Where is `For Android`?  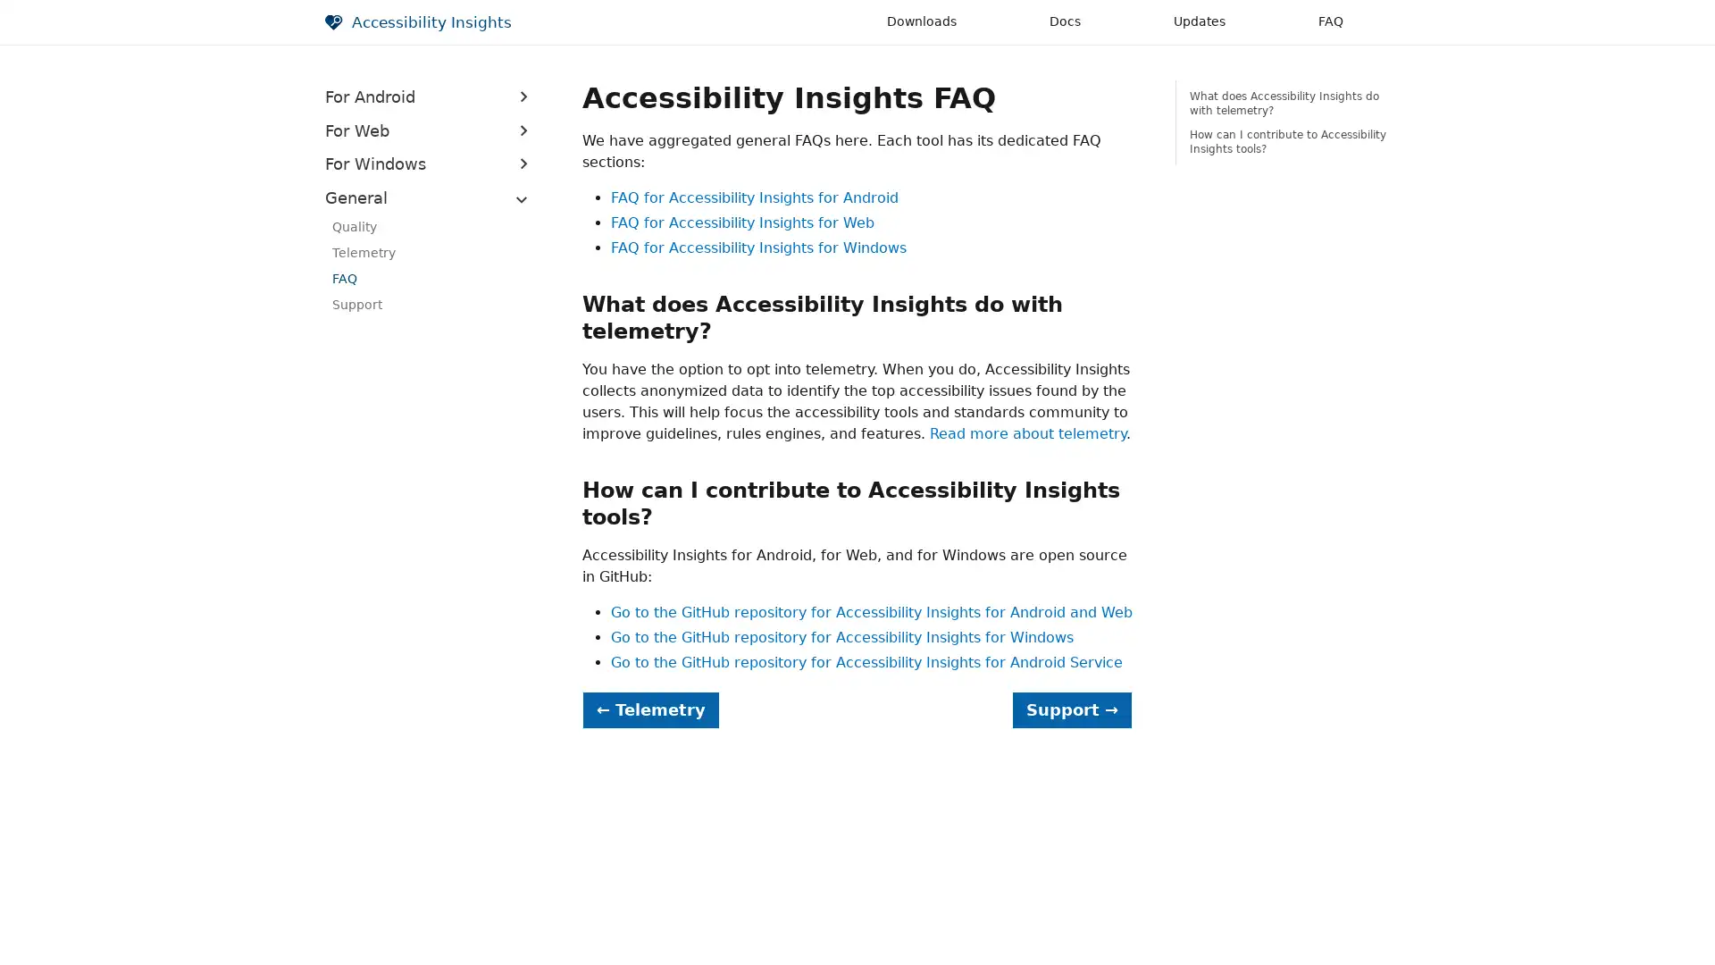 For Android is located at coordinates (432, 96).